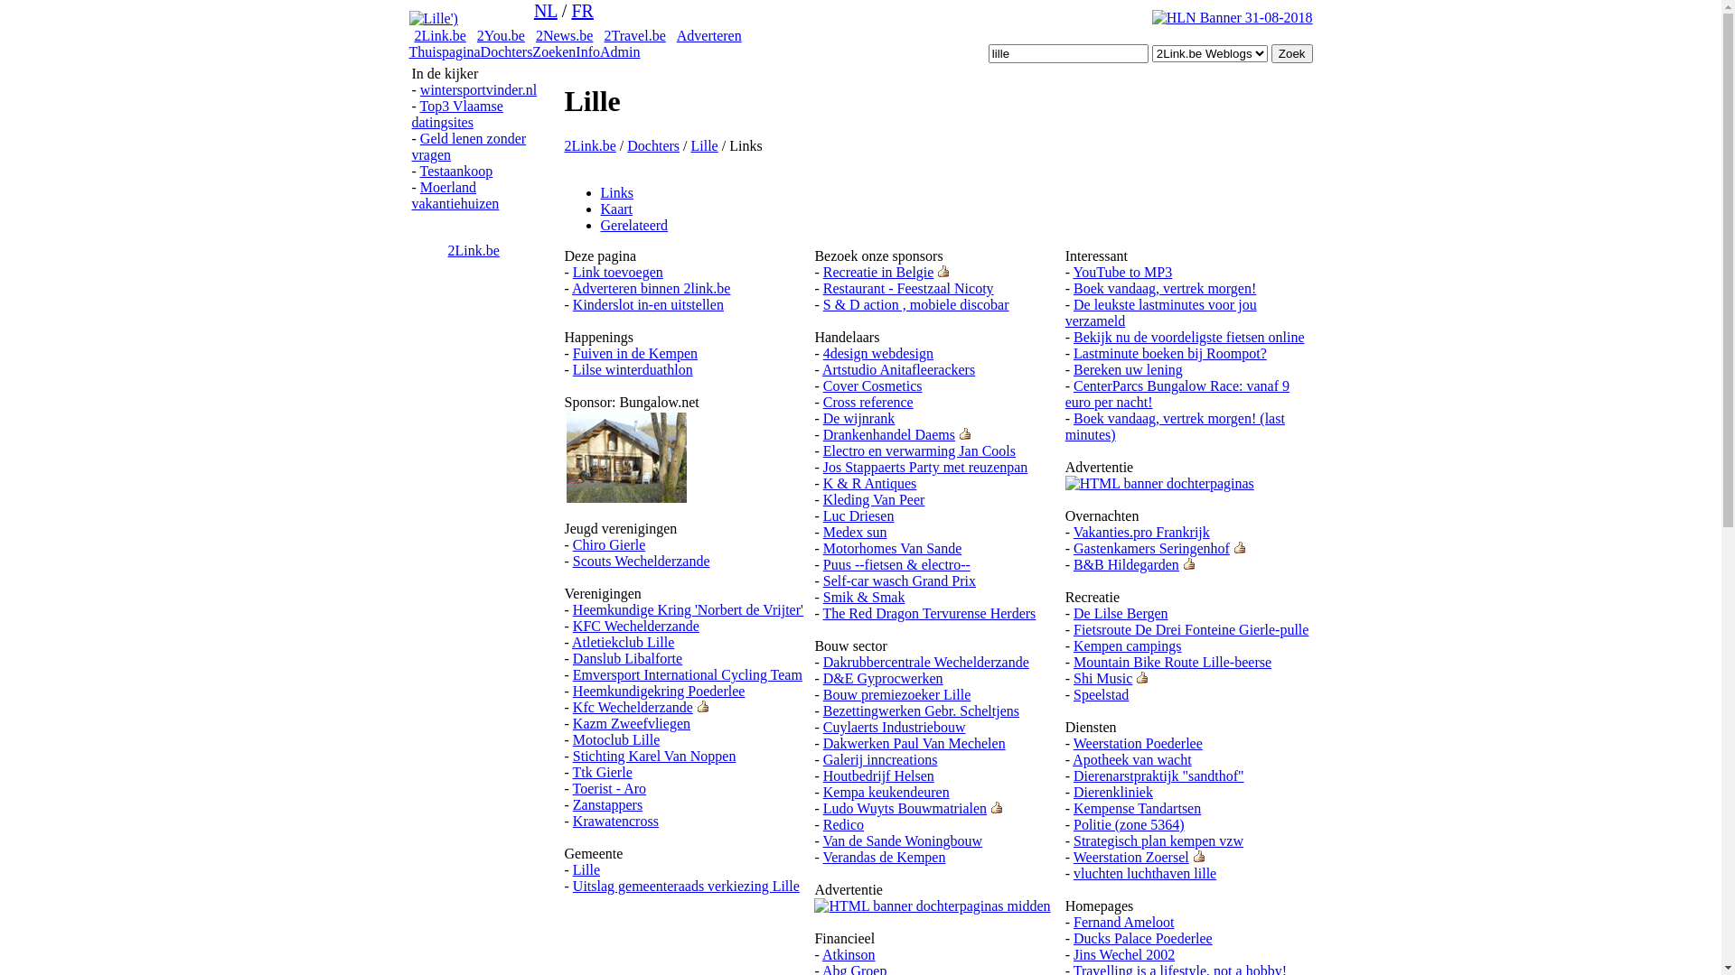  I want to click on 'Moerland vakantiehuizen', so click(455, 195).